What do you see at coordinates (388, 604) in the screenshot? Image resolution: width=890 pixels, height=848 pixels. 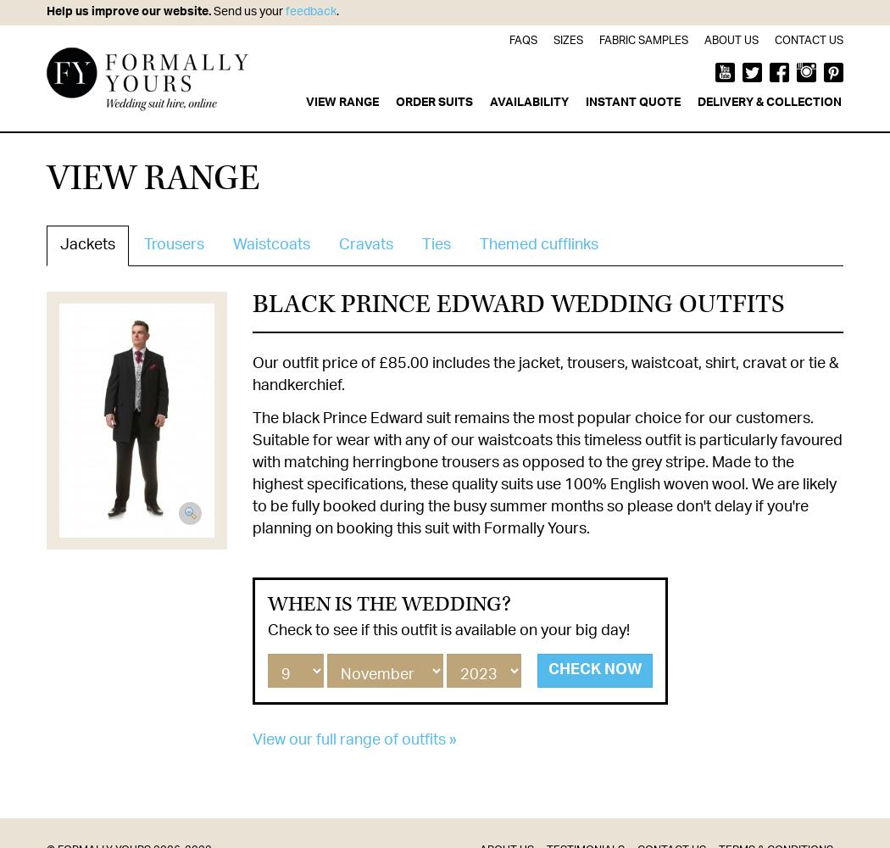 I see `'When is the wedding?'` at bounding box center [388, 604].